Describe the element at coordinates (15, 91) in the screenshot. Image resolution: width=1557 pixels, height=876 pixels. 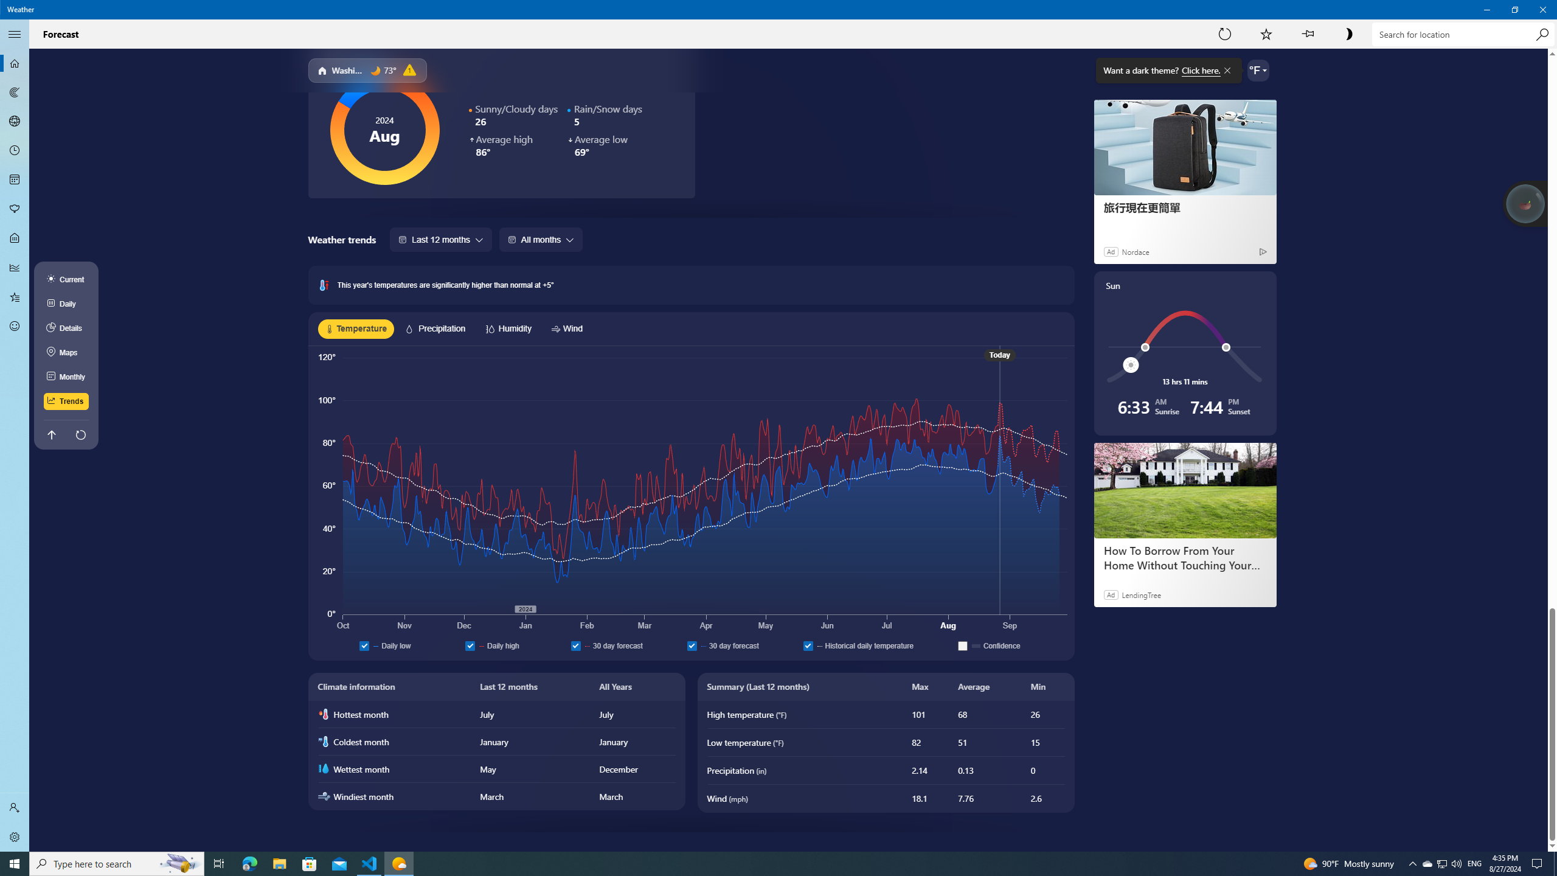
I see `'Maps - Not Selected'` at that location.